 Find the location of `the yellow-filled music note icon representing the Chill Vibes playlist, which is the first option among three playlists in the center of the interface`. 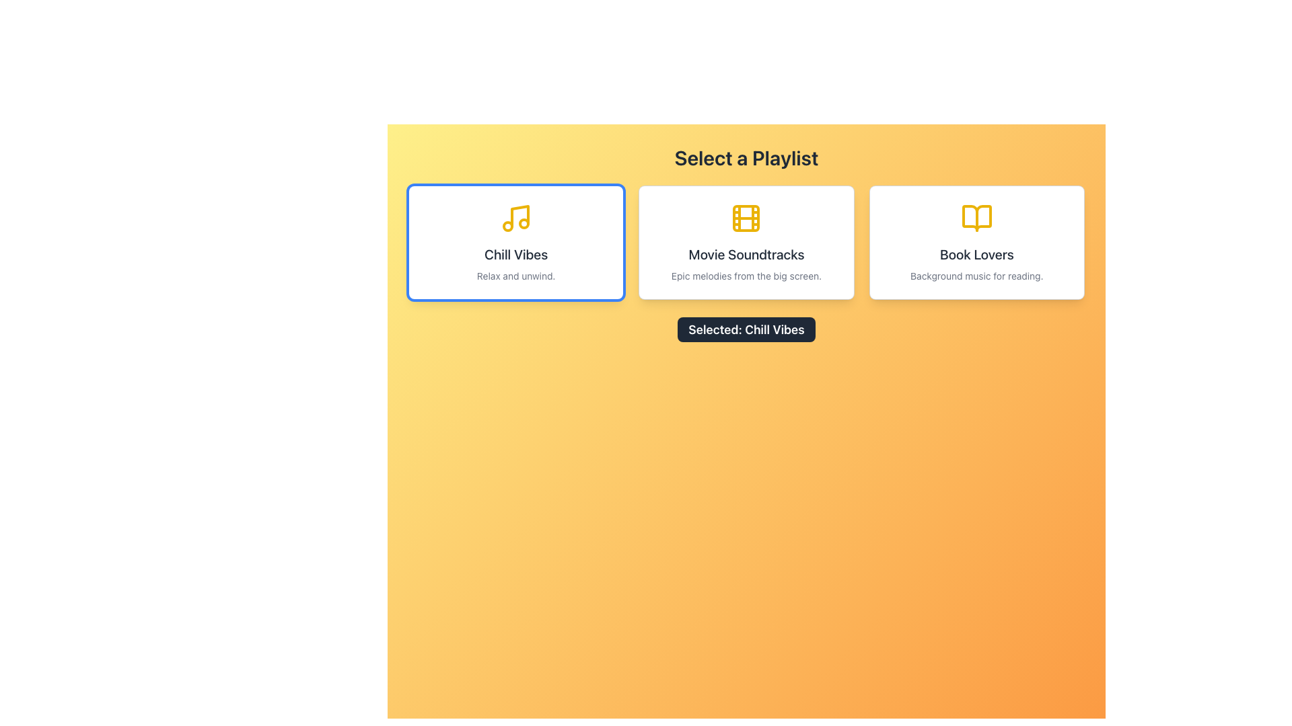

the yellow-filled music note icon representing the Chill Vibes playlist, which is the first option among three playlists in the center of the interface is located at coordinates (519, 215).